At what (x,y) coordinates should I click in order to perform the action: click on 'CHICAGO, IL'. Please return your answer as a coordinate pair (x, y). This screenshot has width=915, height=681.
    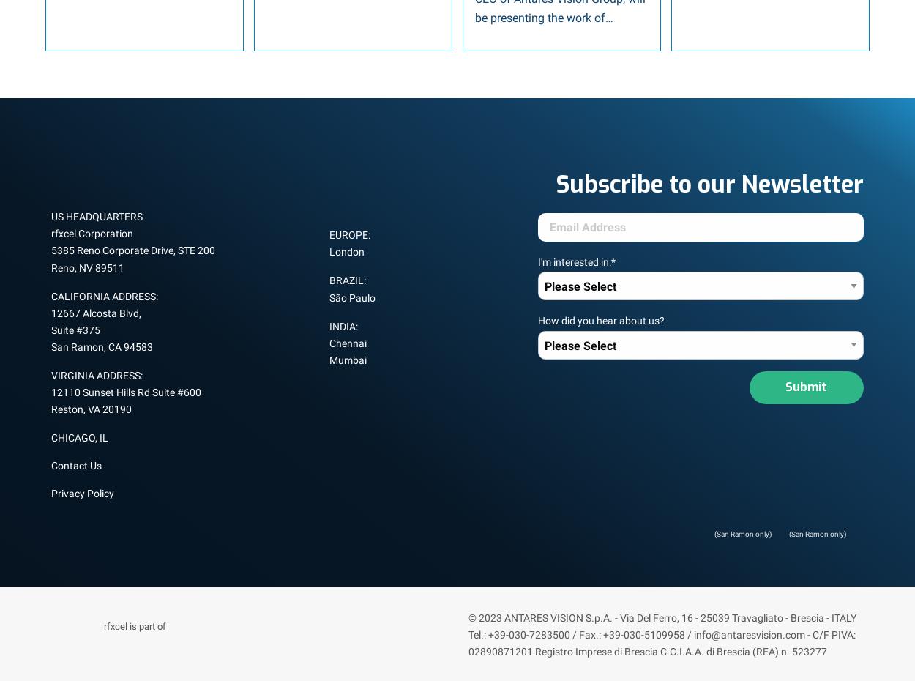
    Looking at the image, I should click on (79, 437).